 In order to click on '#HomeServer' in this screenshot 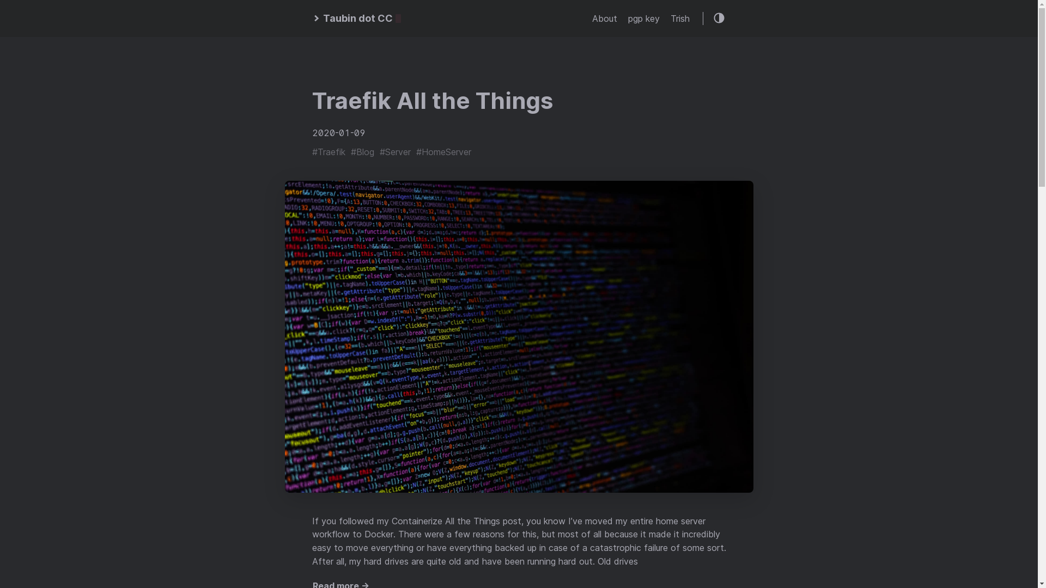, I will do `click(415, 151)`.